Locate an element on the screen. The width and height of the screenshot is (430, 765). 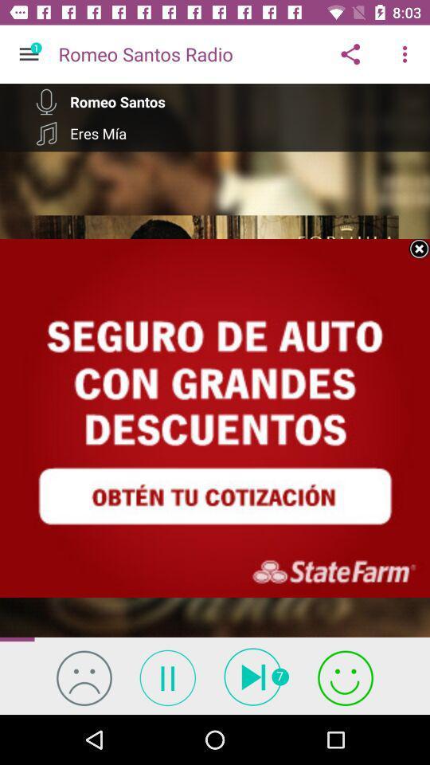
the skip_next icon is located at coordinates (256, 676).